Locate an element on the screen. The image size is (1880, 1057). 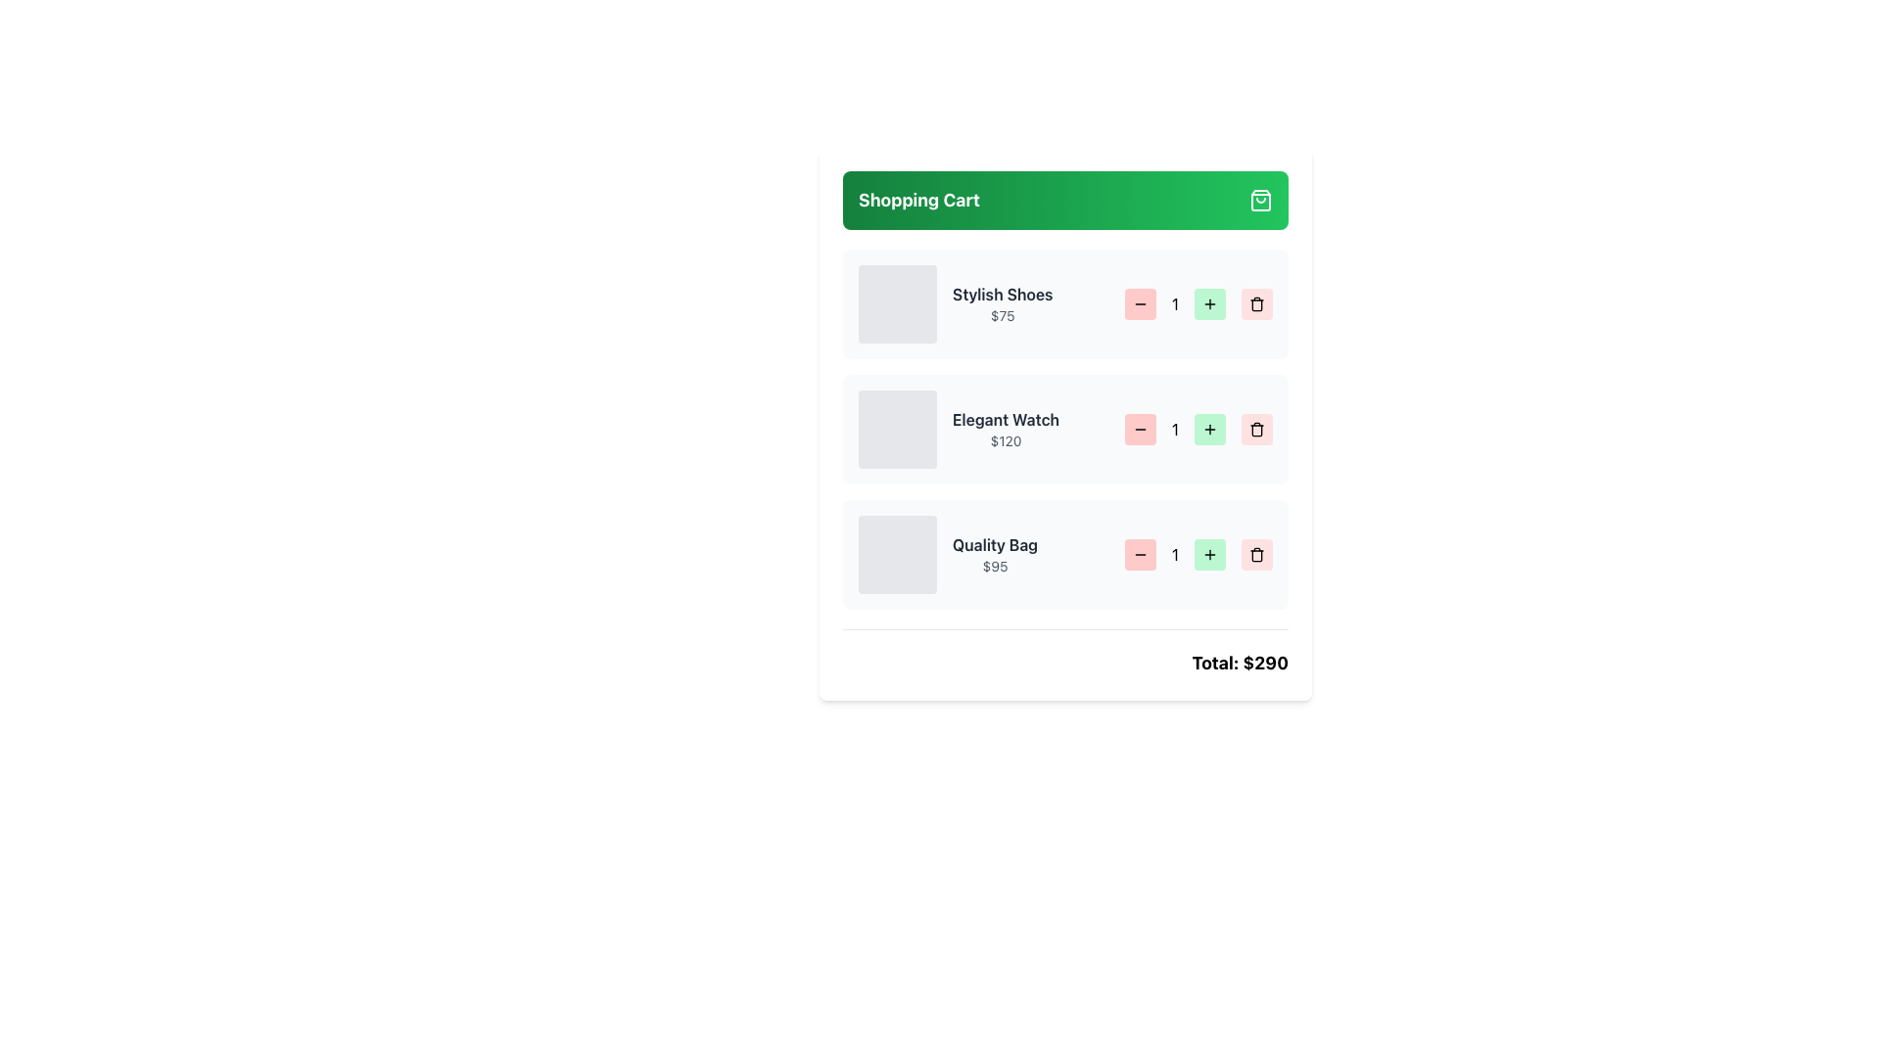
the graphical icon resembling a shopping bag located in the top-right corner of the green header bar labeled 'Shopping Cart' is located at coordinates (1260, 200).